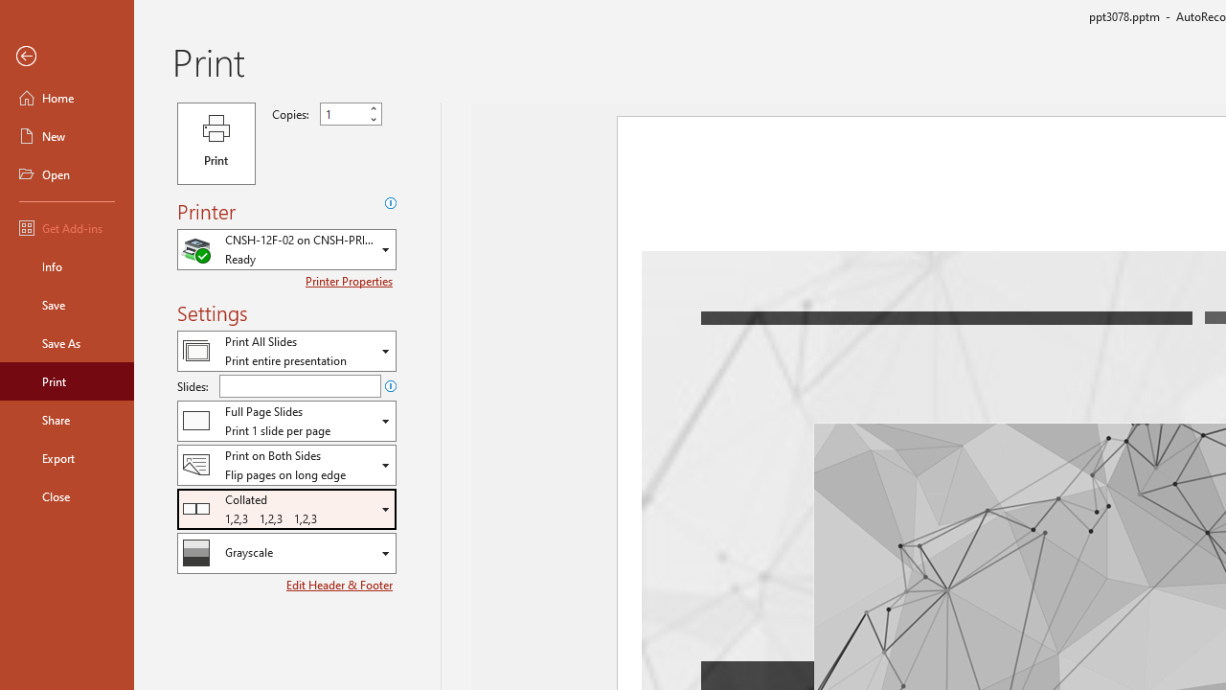 This screenshot has width=1226, height=690. I want to click on 'Copies', so click(351, 114).